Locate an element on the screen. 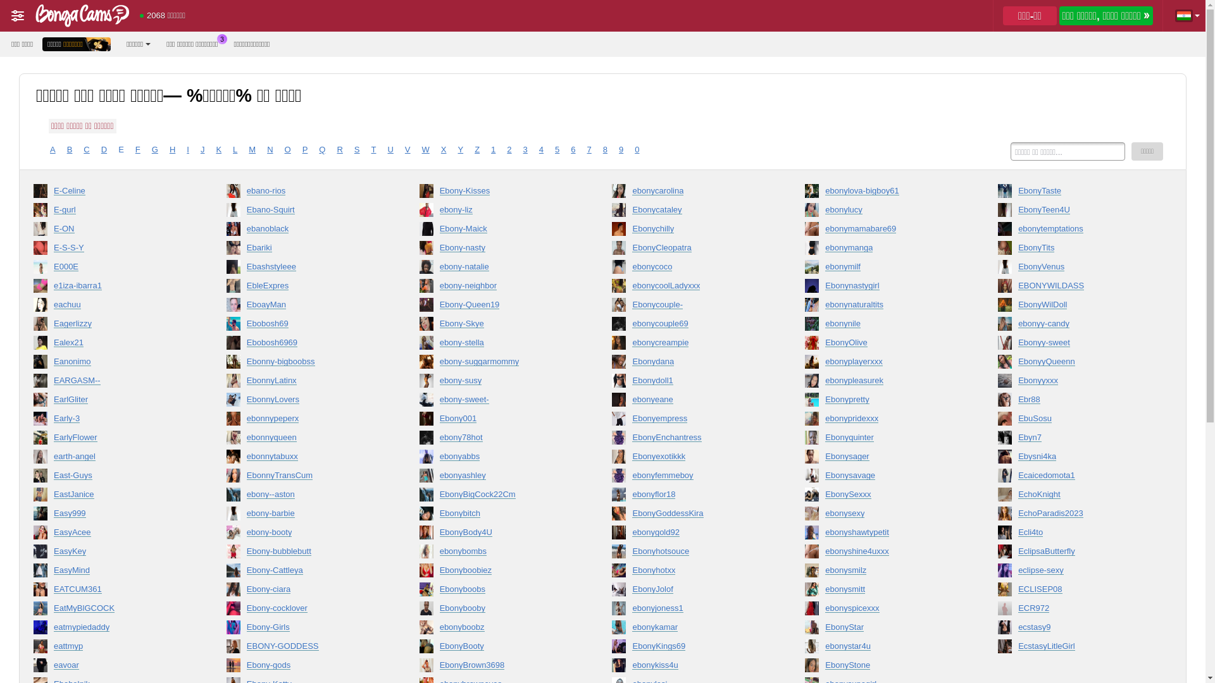 The height and width of the screenshot is (683, 1215). 'EbonyTaste' is located at coordinates (1075, 193).